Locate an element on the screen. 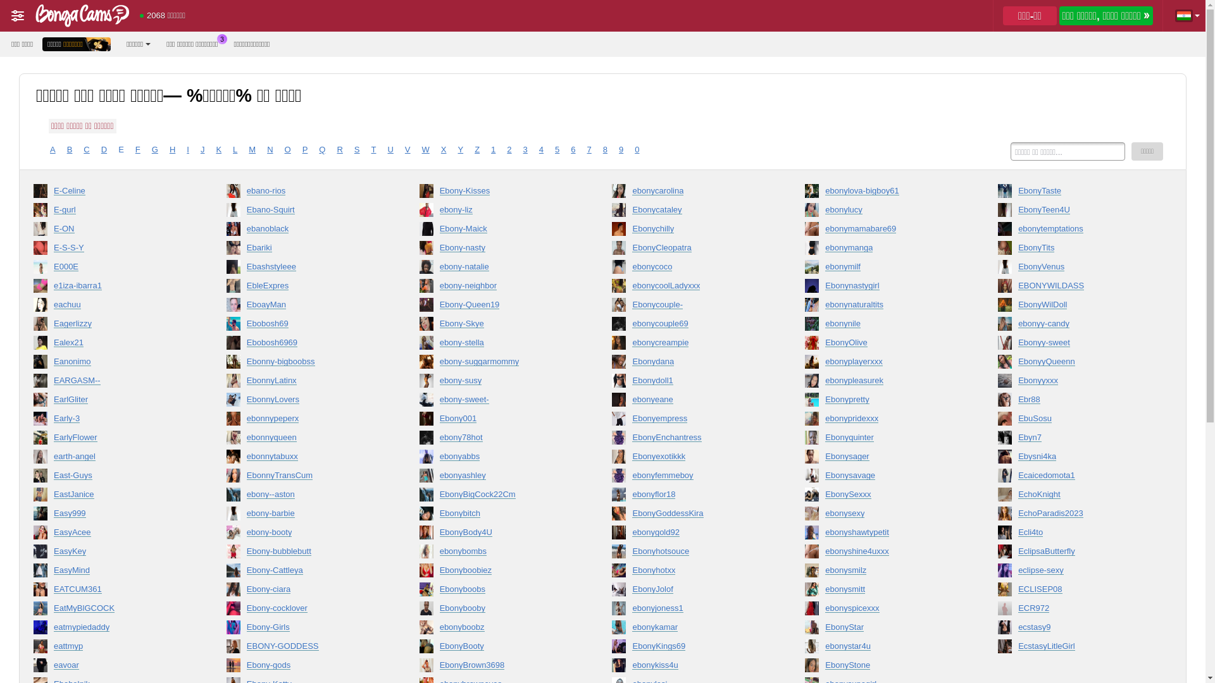 The height and width of the screenshot is (683, 1215). 'EbonyTaste' is located at coordinates (1075, 193).